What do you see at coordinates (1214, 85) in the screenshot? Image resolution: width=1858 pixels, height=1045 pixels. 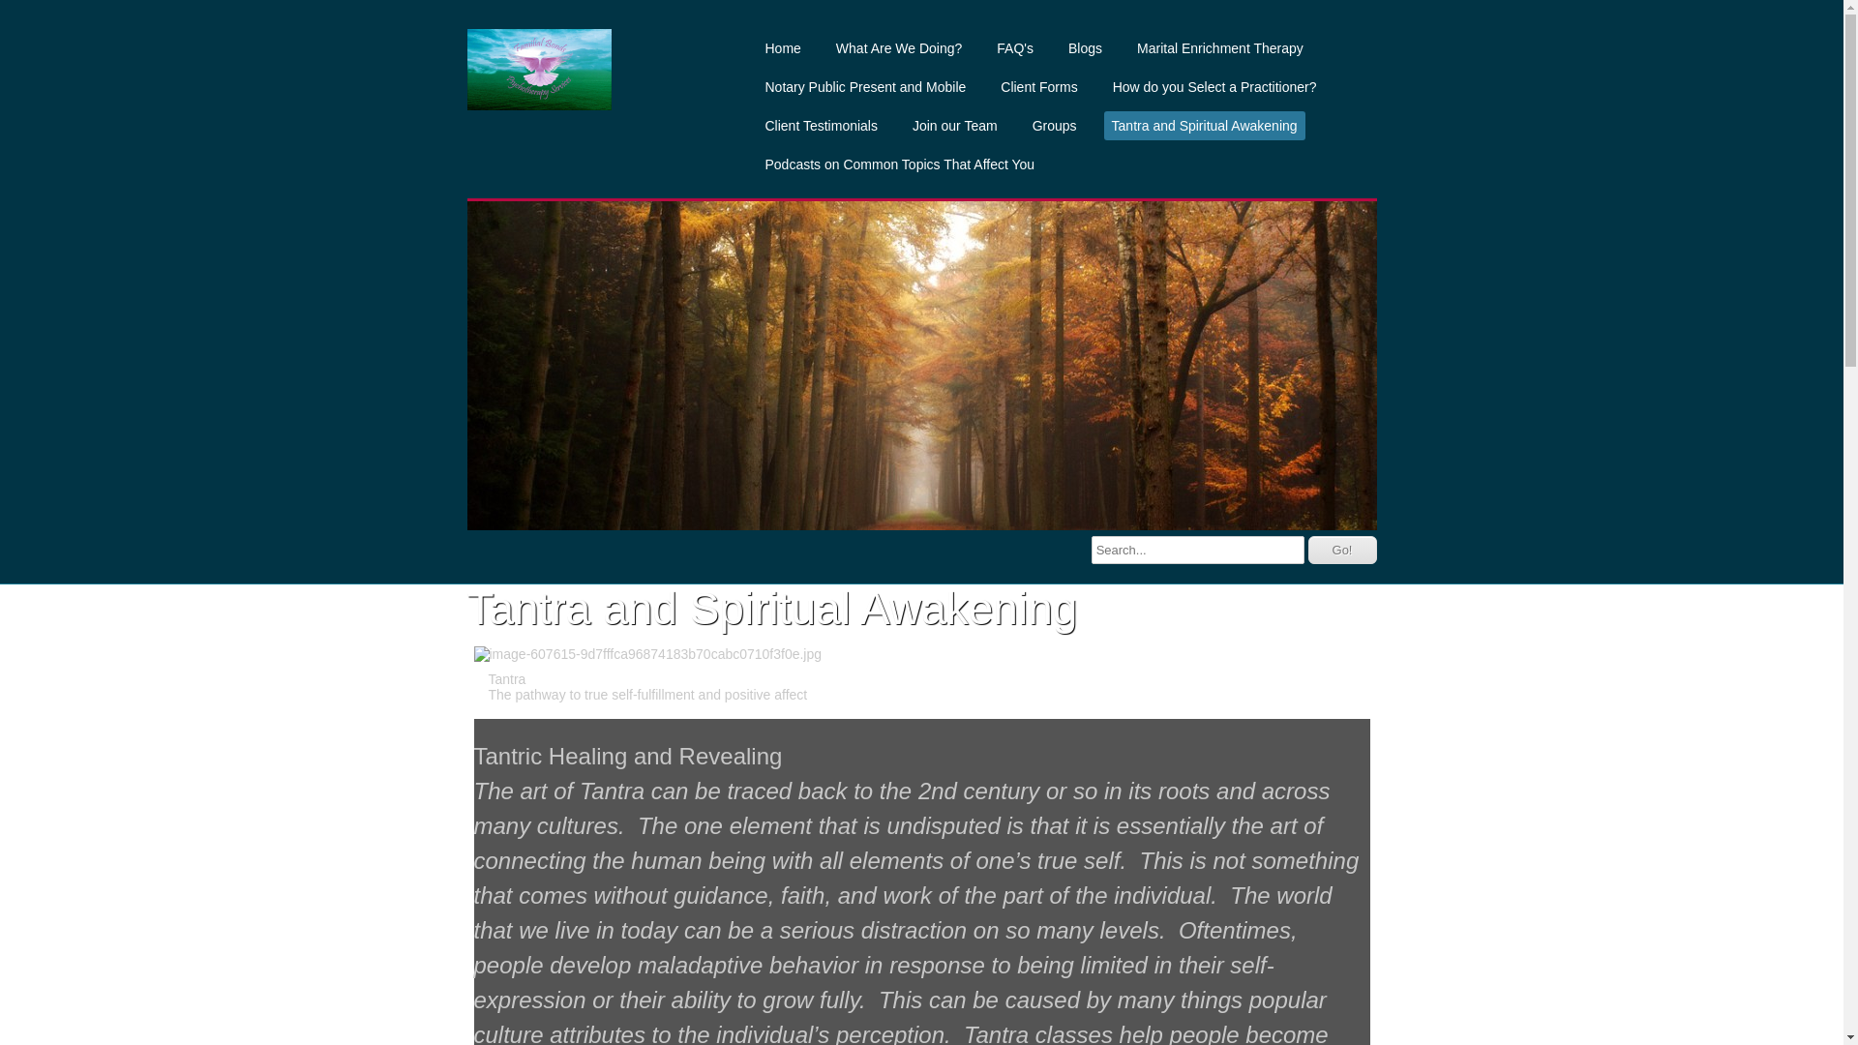 I see `'How do you Select a Practitioner?'` at bounding box center [1214, 85].